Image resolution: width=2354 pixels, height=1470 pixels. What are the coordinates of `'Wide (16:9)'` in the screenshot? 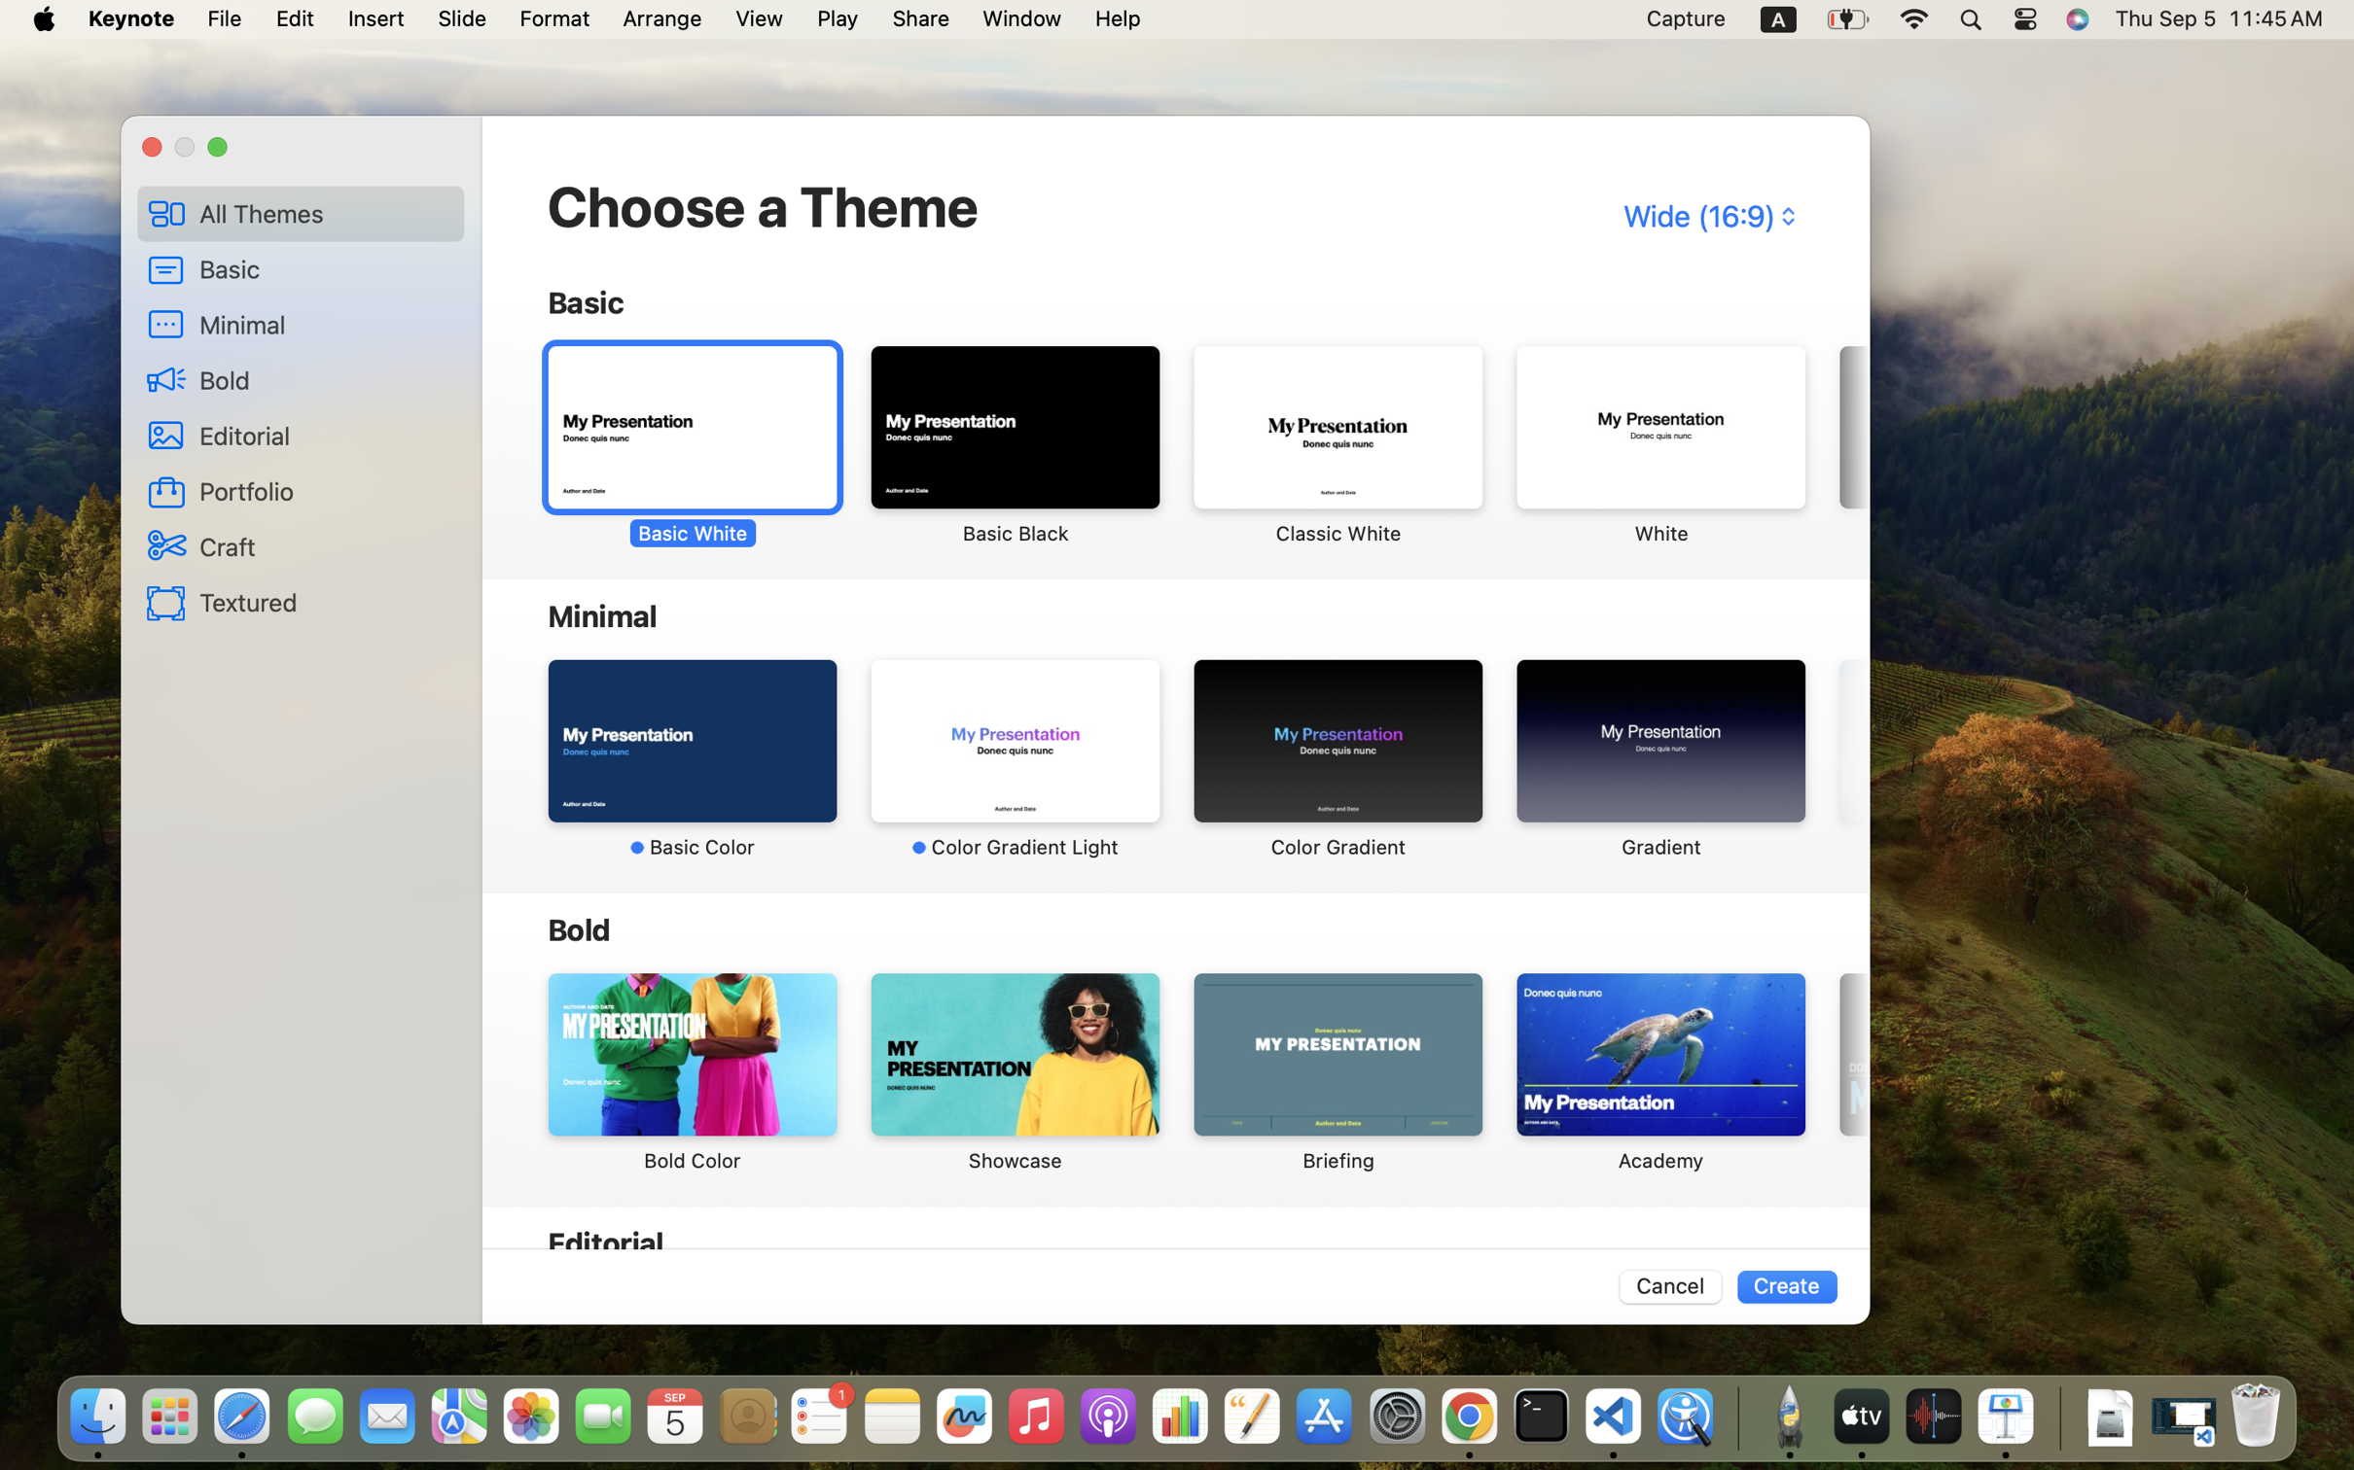 It's located at (1706, 215).